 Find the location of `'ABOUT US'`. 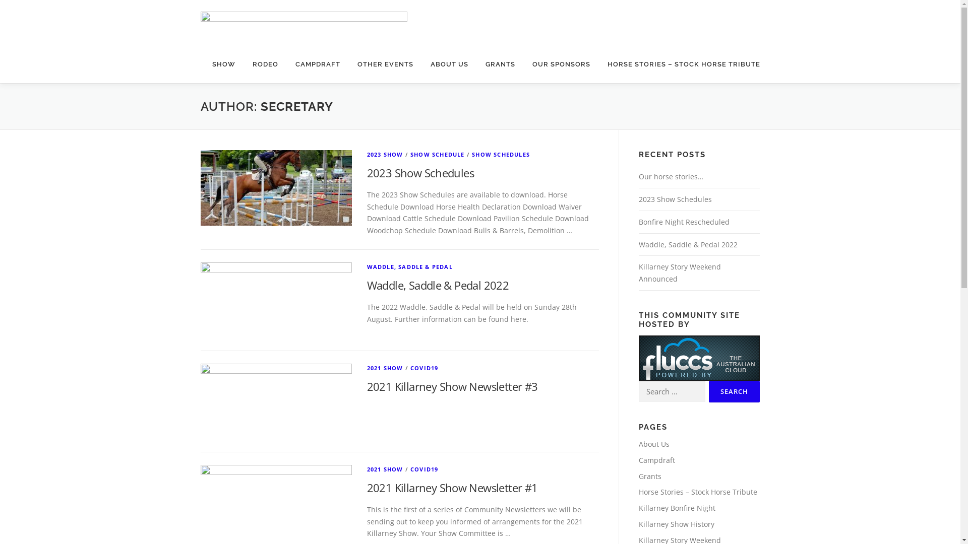

'ABOUT US' is located at coordinates (448, 64).